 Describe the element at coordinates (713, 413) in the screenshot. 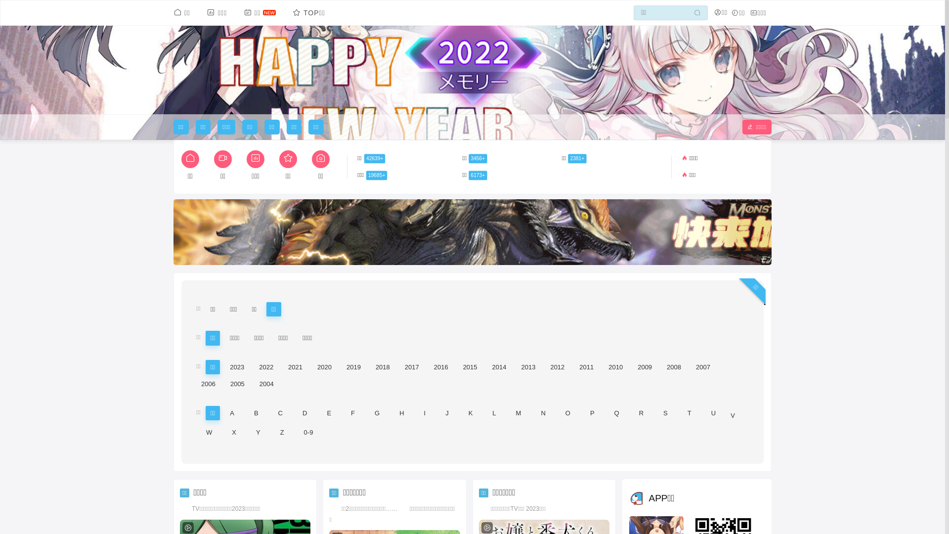

I see `'U'` at that location.